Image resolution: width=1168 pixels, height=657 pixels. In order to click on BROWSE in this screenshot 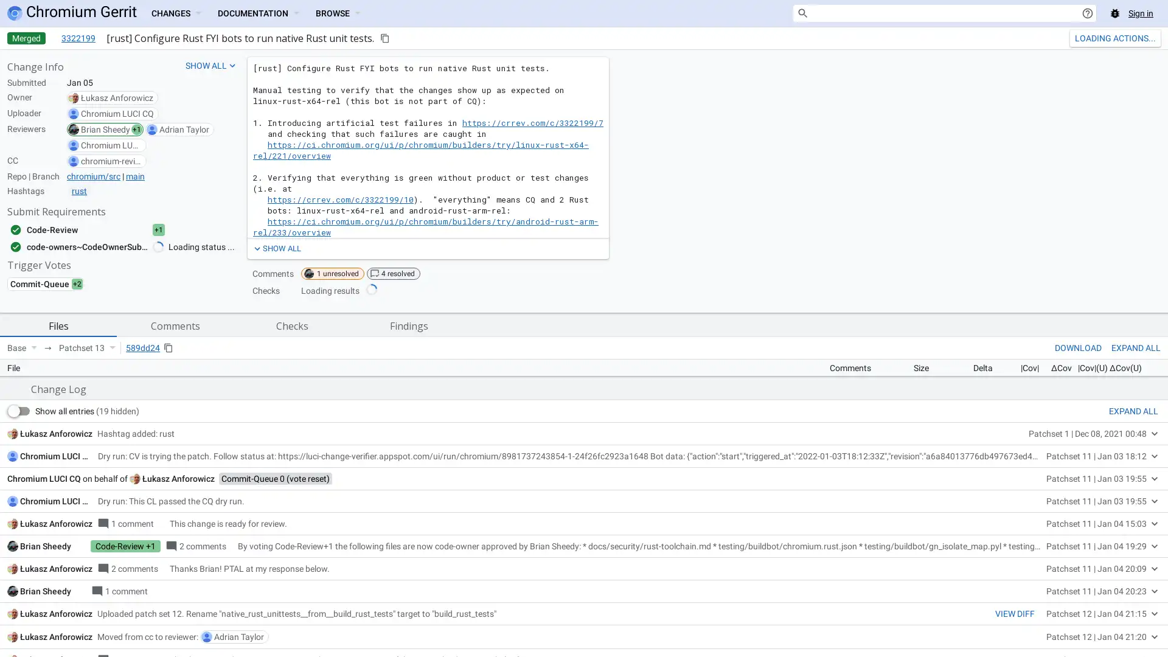, I will do `click(338, 13)`.